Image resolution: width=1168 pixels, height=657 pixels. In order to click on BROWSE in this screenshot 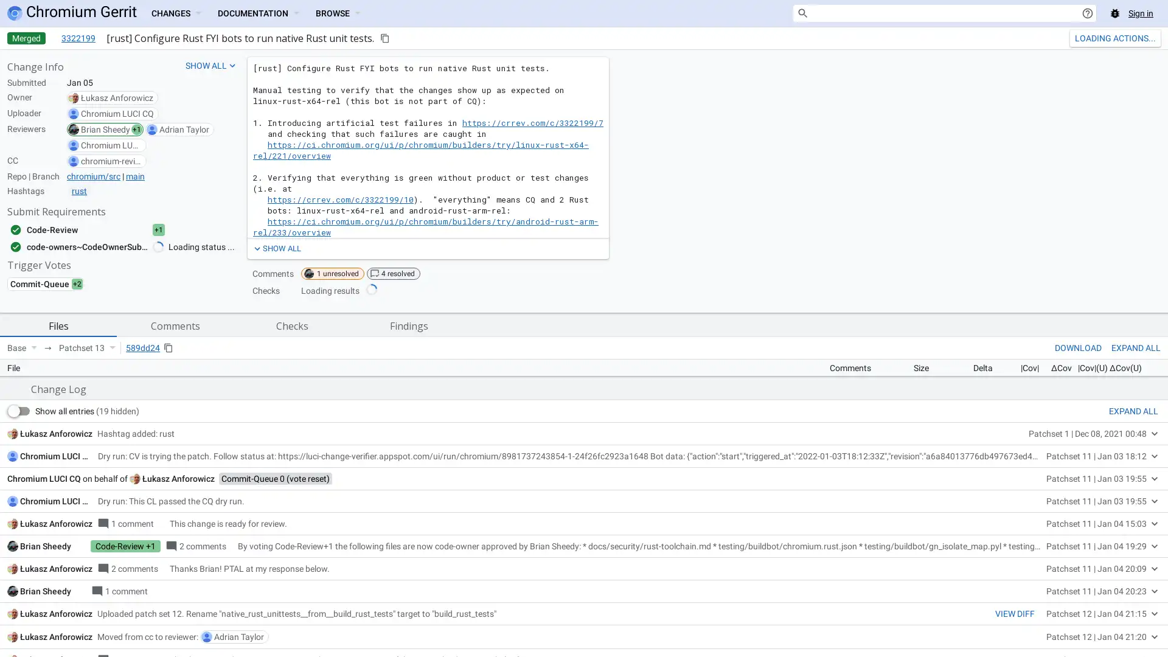, I will do `click(338, 13)`.